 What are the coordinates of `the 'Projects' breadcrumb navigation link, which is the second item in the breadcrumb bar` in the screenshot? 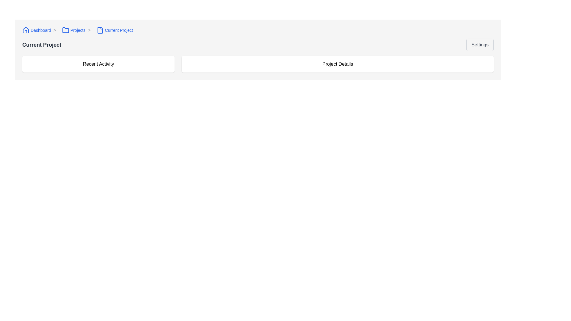 It's located at (77, 30).